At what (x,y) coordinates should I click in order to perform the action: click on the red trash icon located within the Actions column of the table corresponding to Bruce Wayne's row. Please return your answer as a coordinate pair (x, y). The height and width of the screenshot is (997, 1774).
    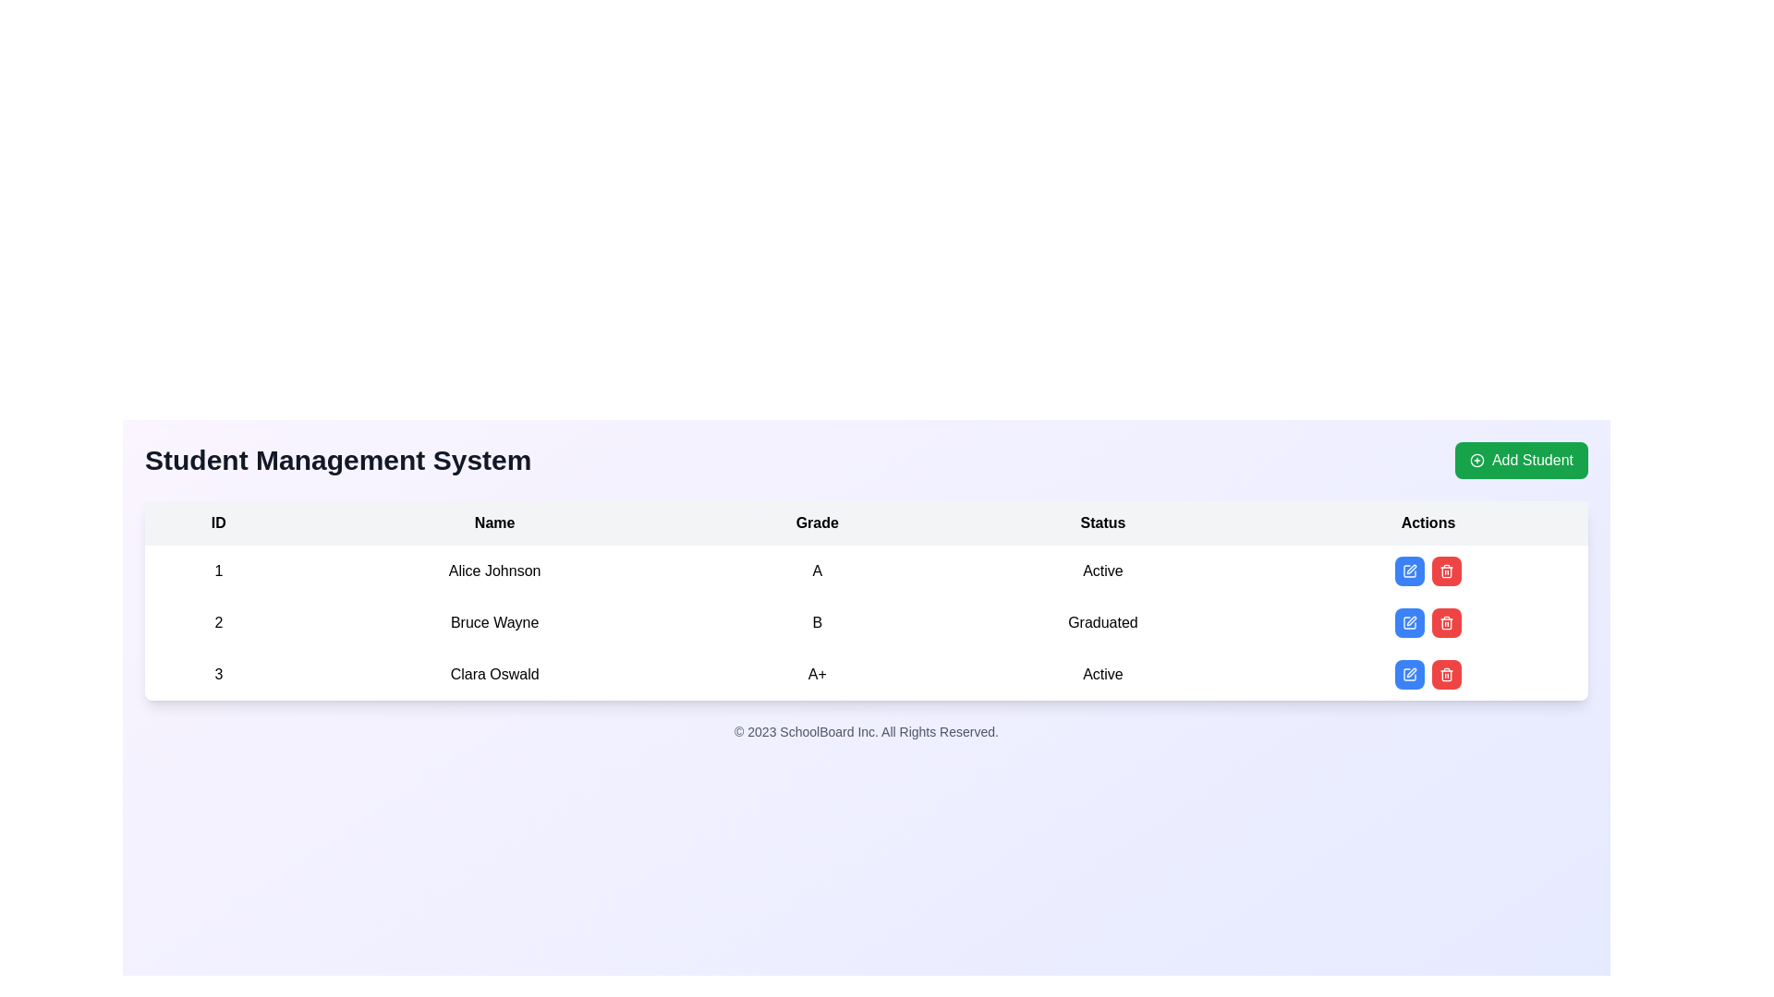
    Looking at the image, I should click on (1445, 623).